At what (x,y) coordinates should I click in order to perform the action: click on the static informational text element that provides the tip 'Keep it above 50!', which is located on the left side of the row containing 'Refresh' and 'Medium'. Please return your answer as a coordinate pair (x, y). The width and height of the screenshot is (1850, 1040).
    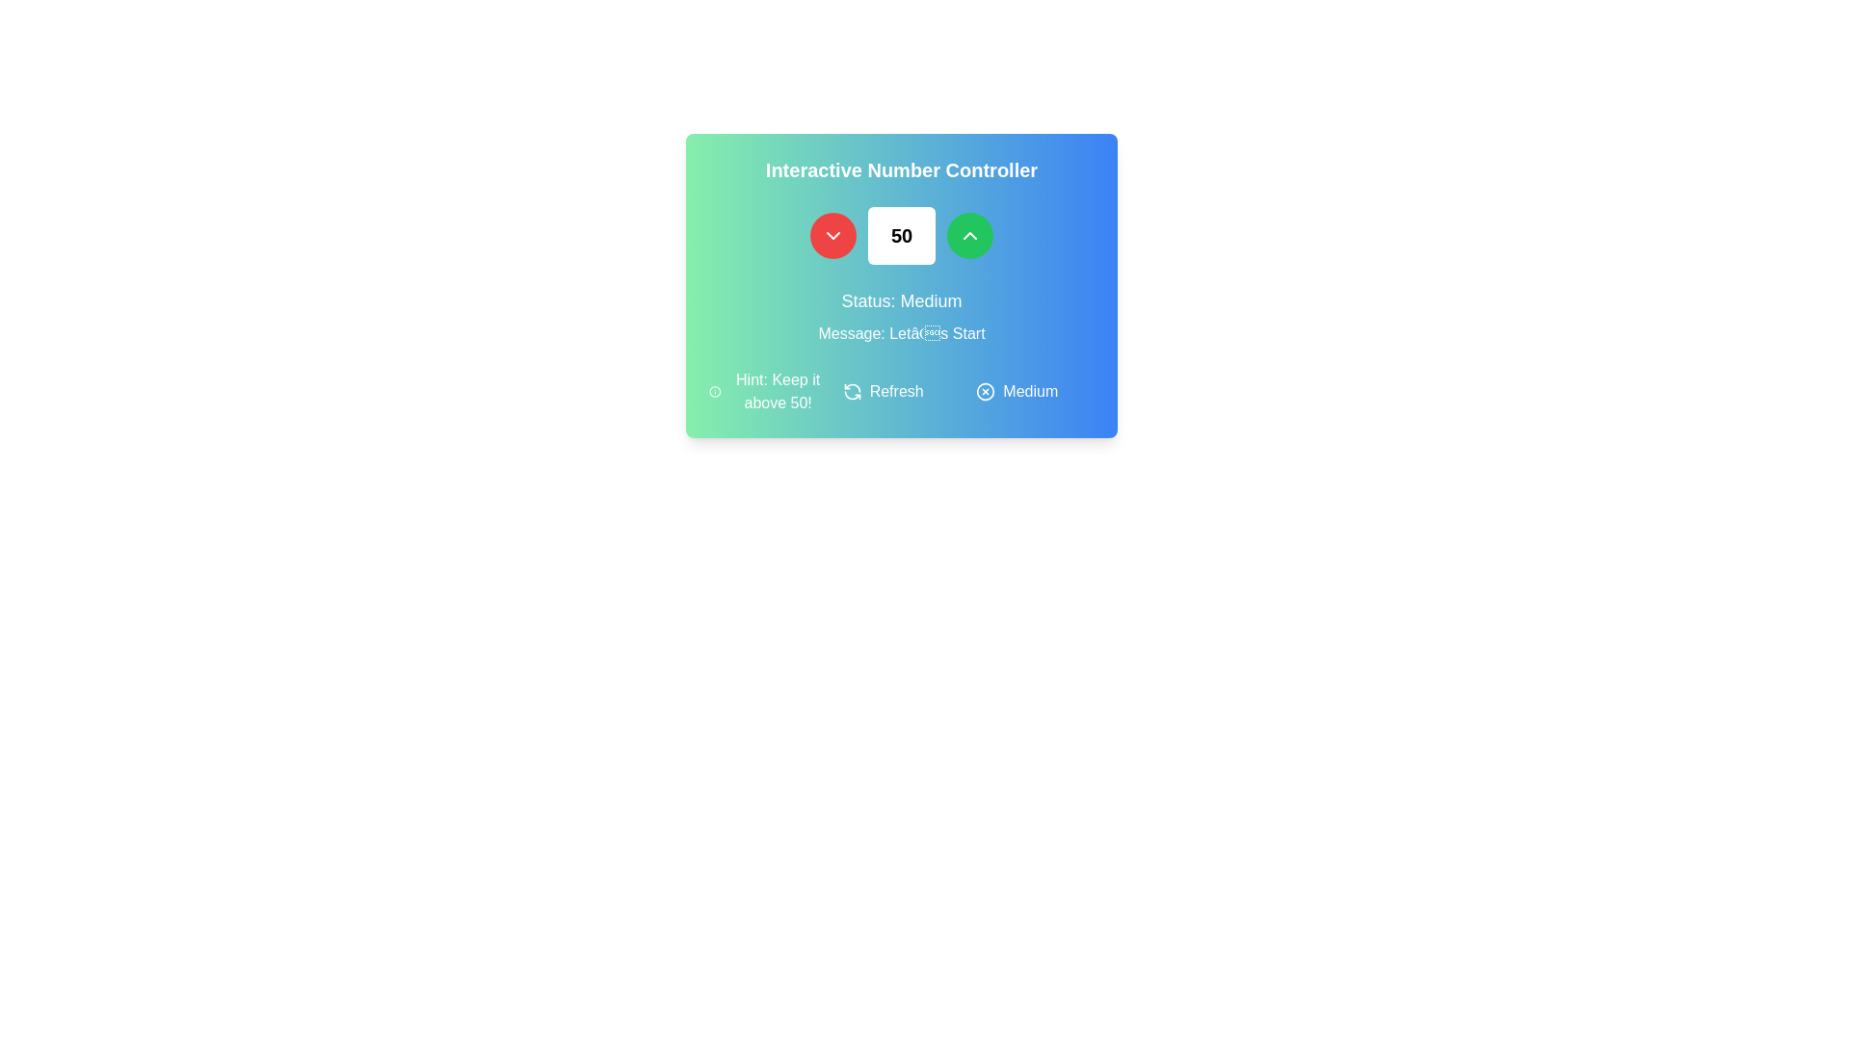
    Looking at the image, I should click on (767, 391).